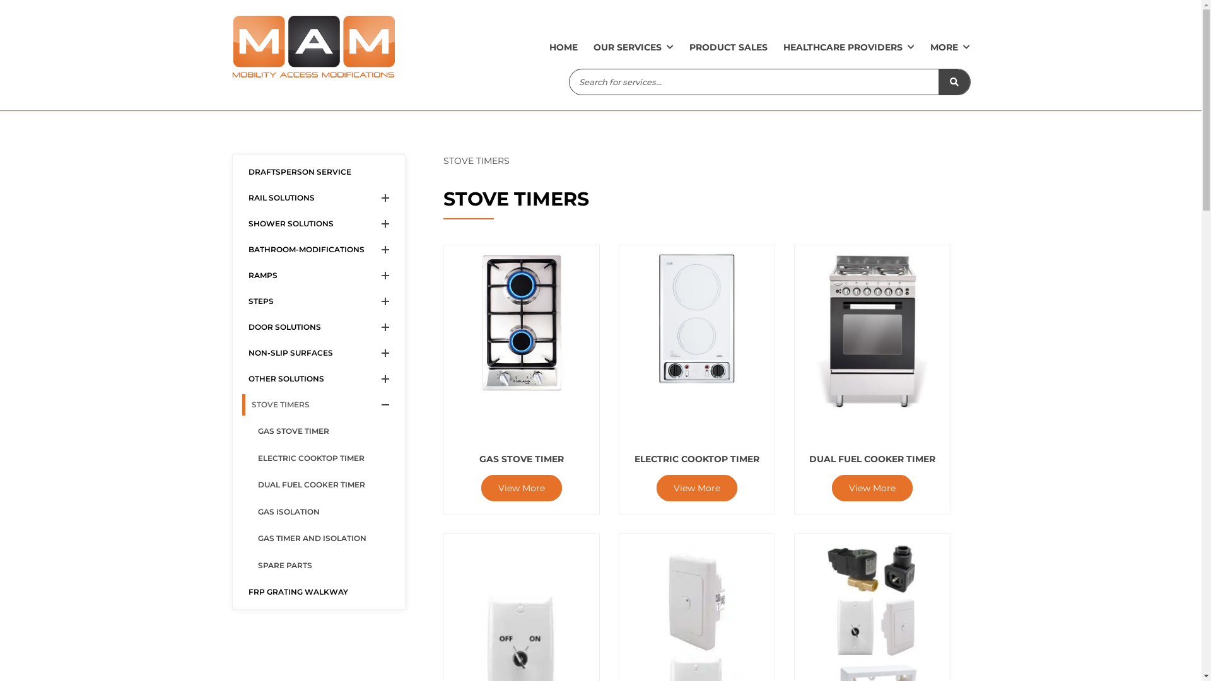  Describe the element at coordinates (242, 197) in the screenshot. I see `'RAIL SOLUTIONS'` at that location.